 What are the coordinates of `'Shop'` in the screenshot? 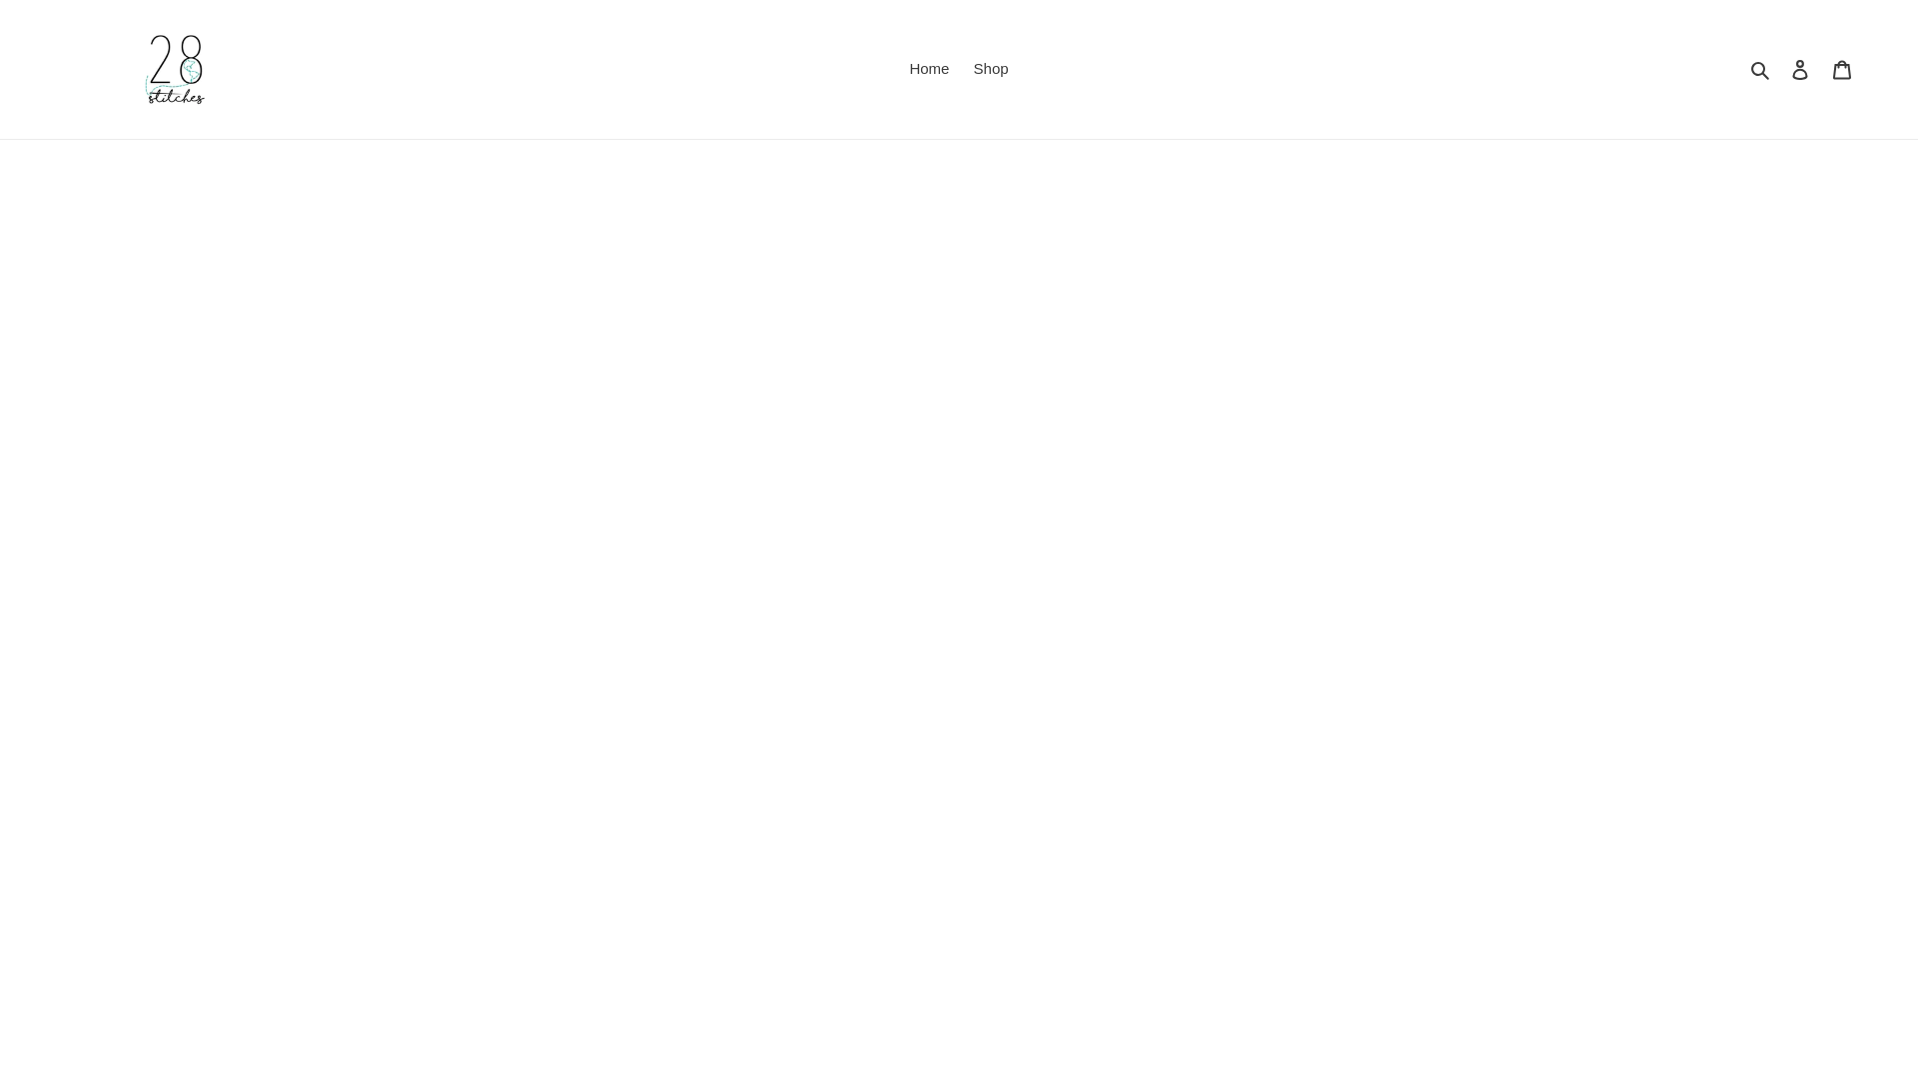 It's located at (991, 68).